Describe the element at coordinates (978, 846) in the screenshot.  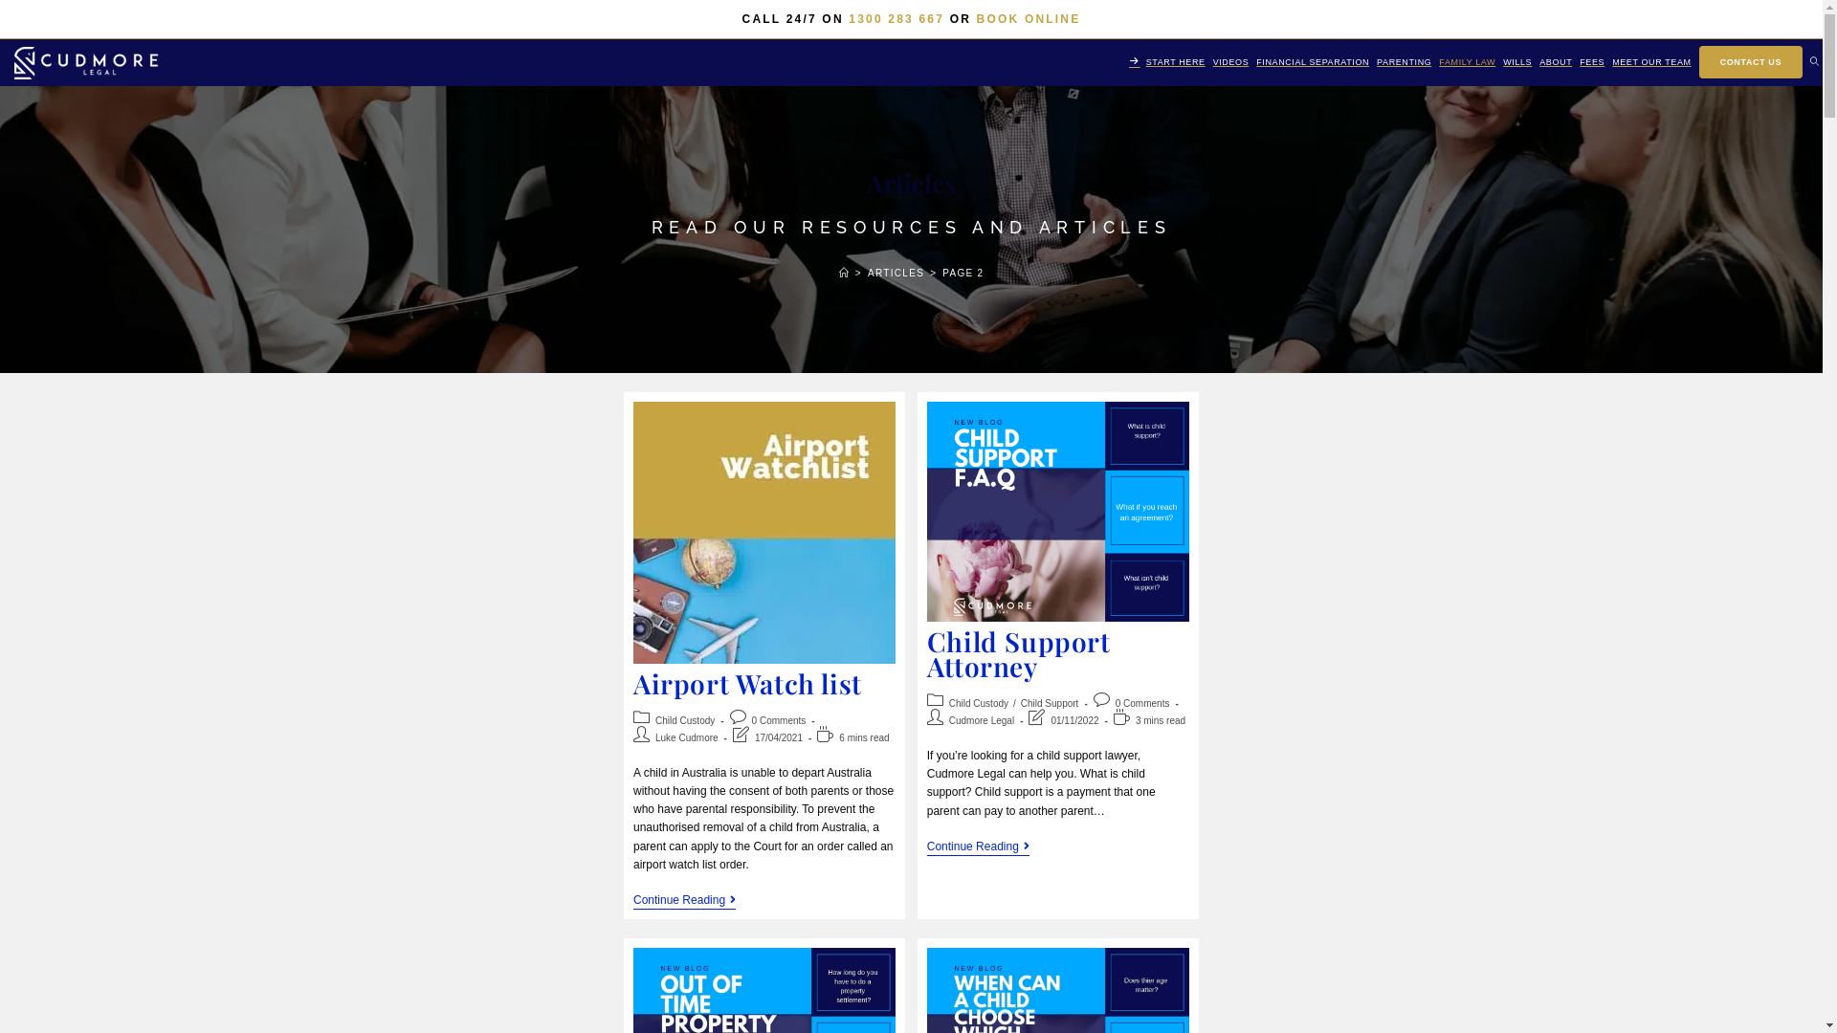
I see `'Continue Reading` at that location.